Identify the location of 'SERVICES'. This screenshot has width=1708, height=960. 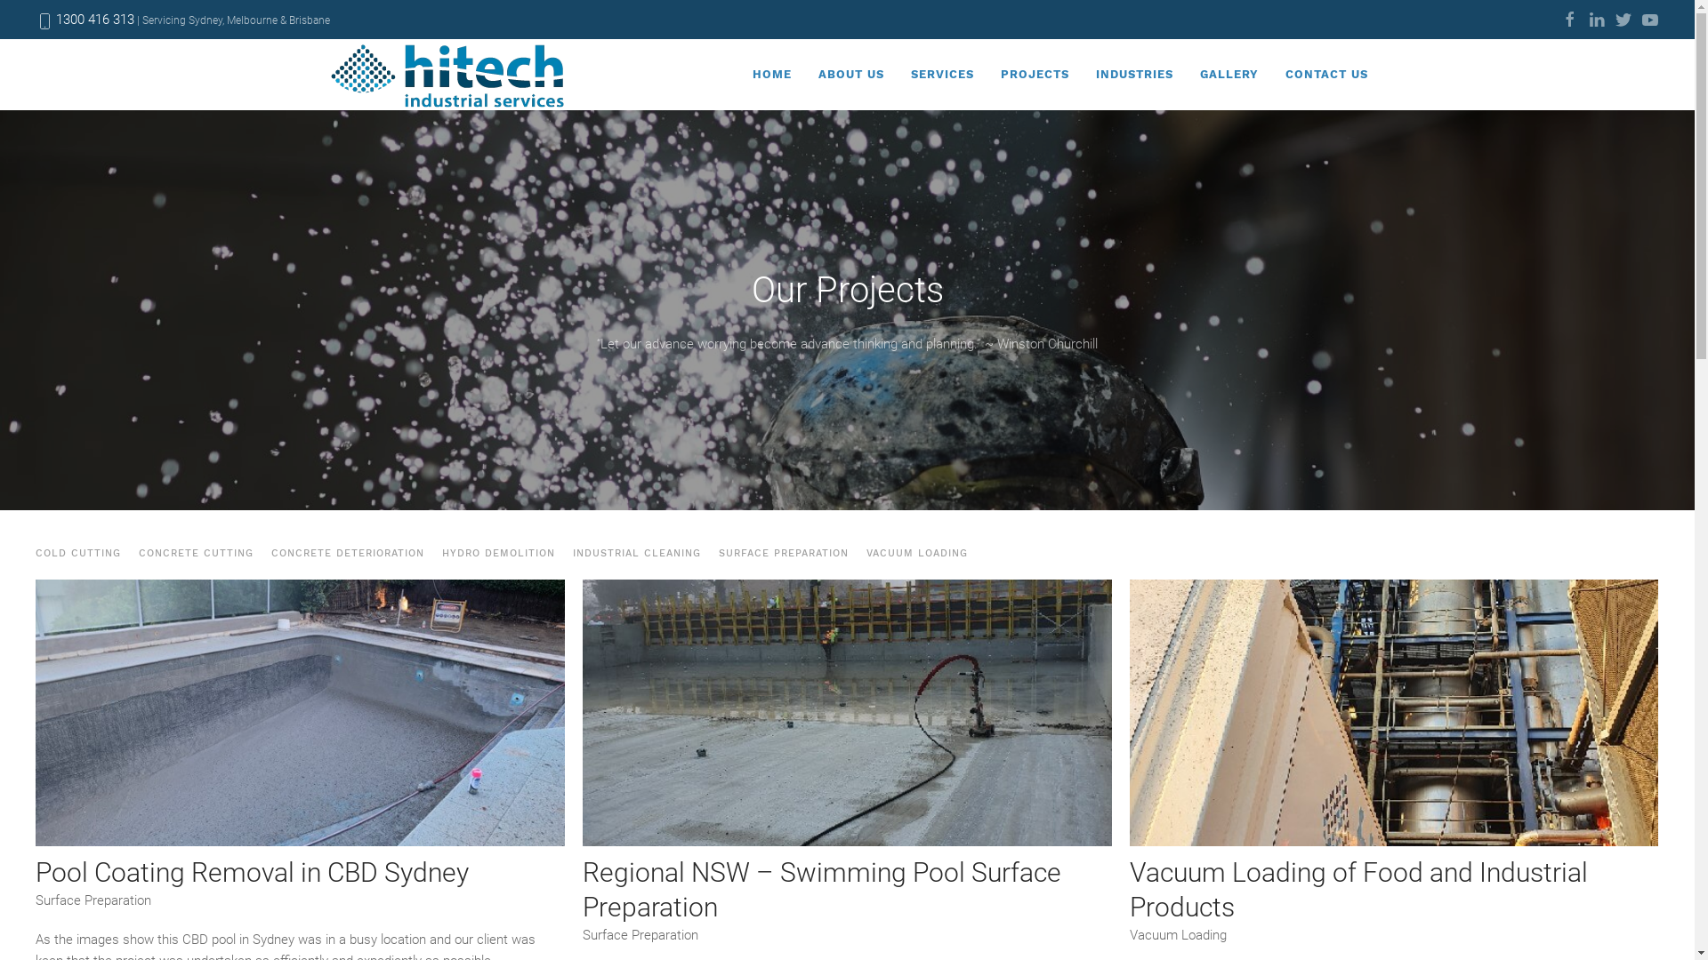
(940, 74).